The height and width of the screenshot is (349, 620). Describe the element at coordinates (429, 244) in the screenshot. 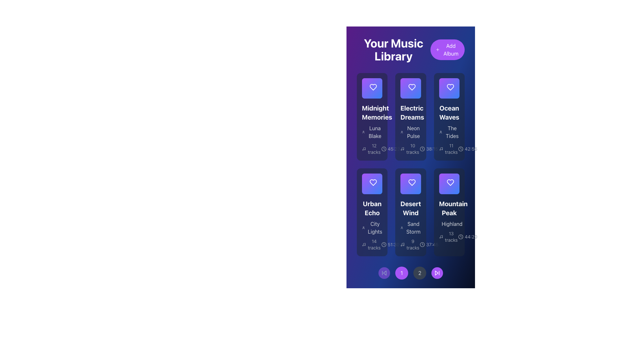

I see `the small clock icon displaying '37:45'` at that location.